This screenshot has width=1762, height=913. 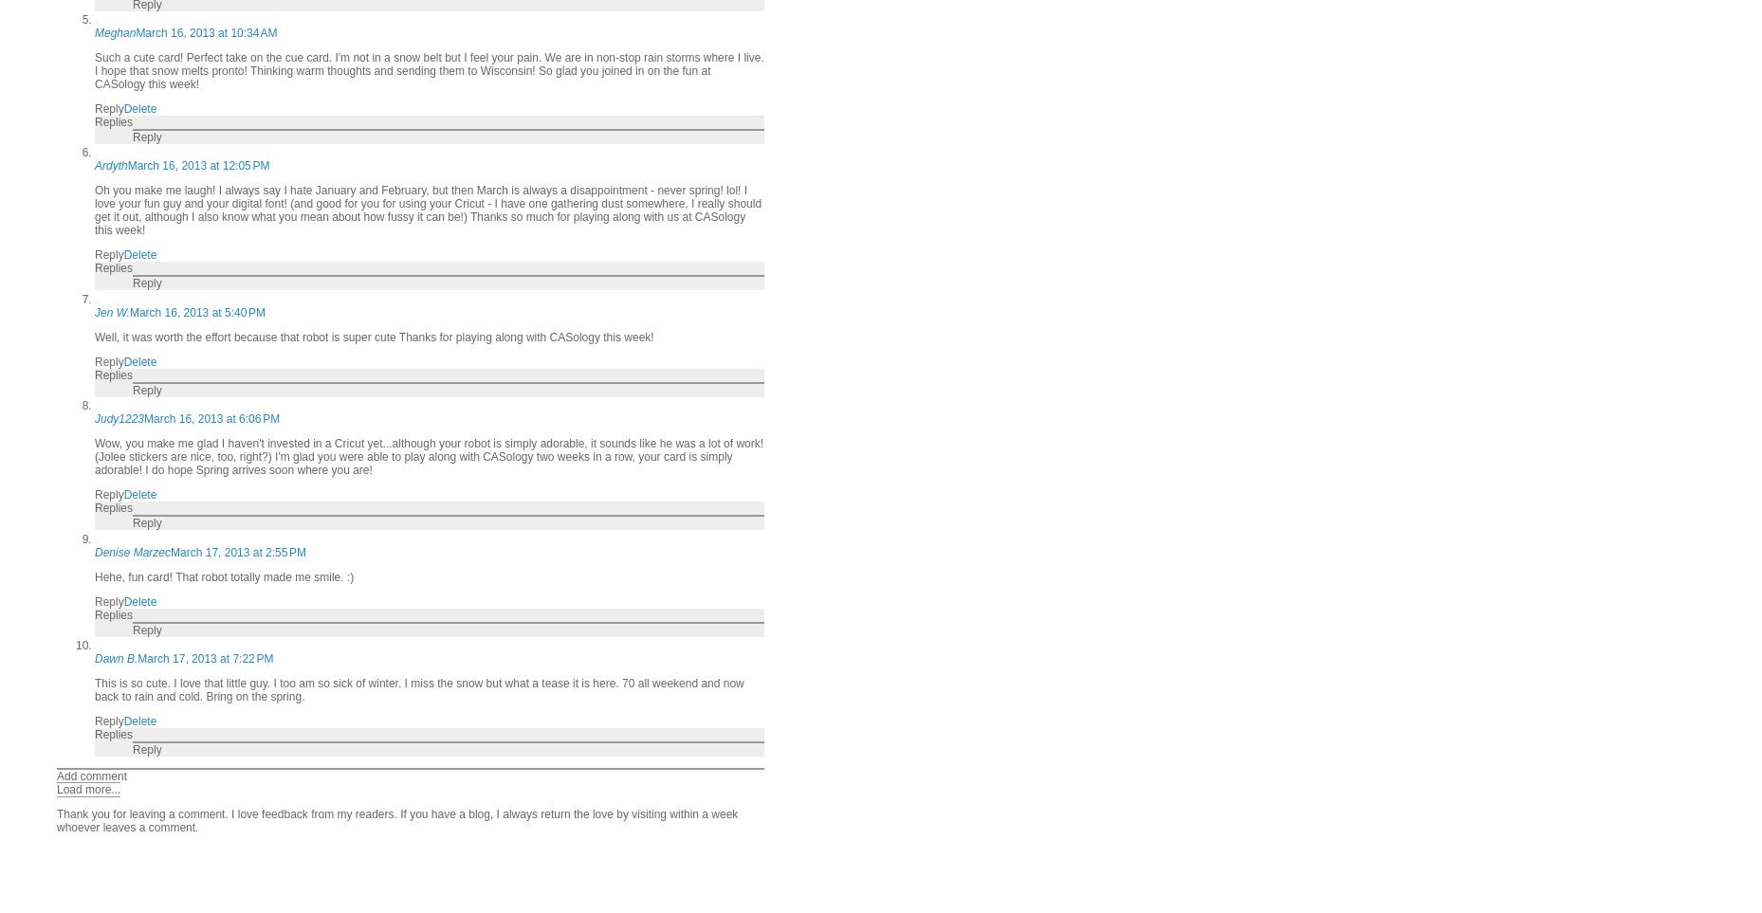 What do you see at coordinates (428, 71) in the screenshot?
I see `'Such a cute card!  Perfect take on the cue card.  I'm not in a snow belt but I feel your pain.  We are in non-stop rain storms where I live.  I hope that snow melts pronto!  Thinking warm thoughts and sending them to Wisconsin!   So glad you joined in on the fun at CASology this week!'` at bounding box center [428, 71].